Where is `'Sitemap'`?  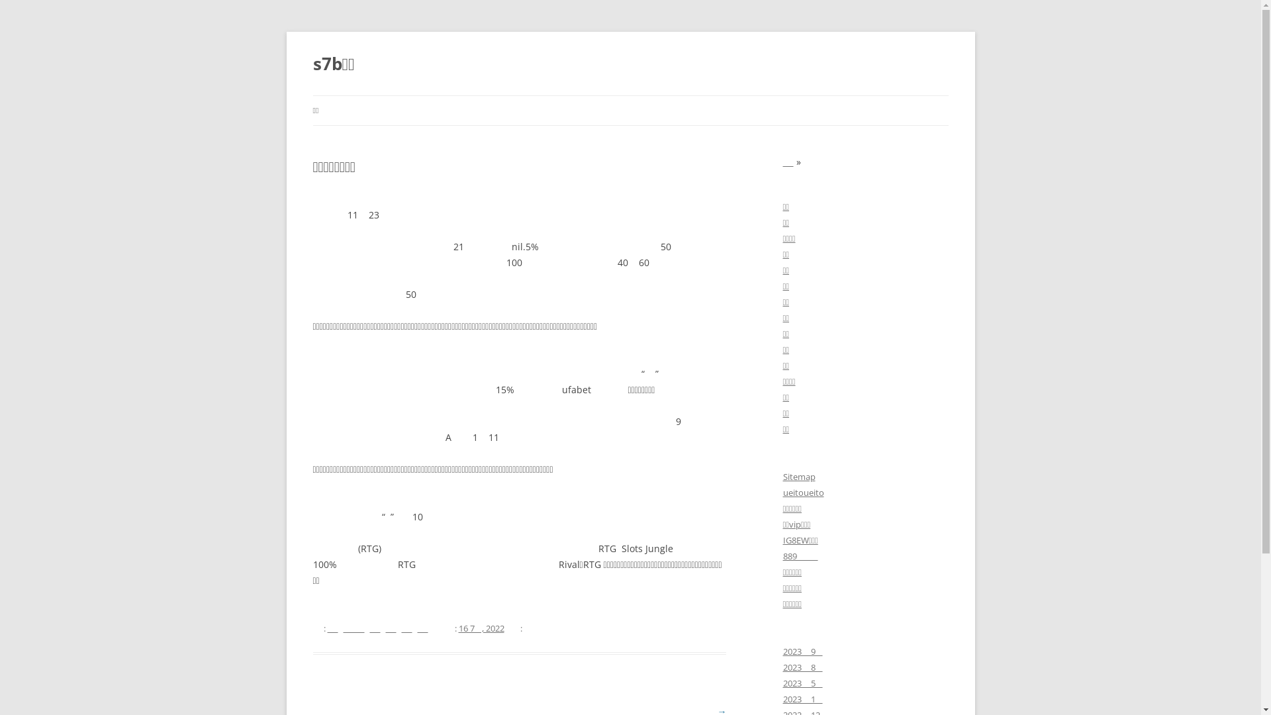
'Sitemap' is located at coordinates (798, 477).